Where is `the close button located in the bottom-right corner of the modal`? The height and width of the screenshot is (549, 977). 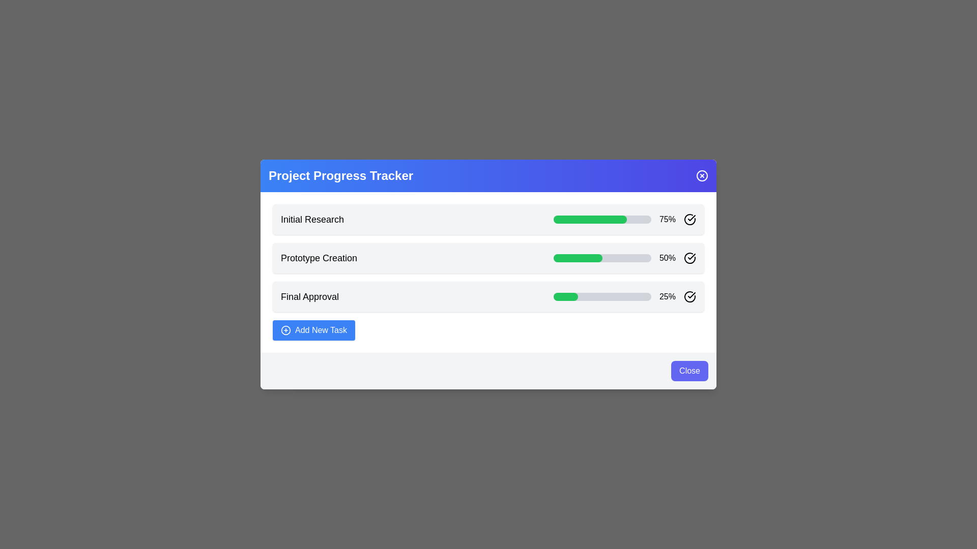
the close button located in the bottom-right corner of the modal is located at coordinates (689, 371).